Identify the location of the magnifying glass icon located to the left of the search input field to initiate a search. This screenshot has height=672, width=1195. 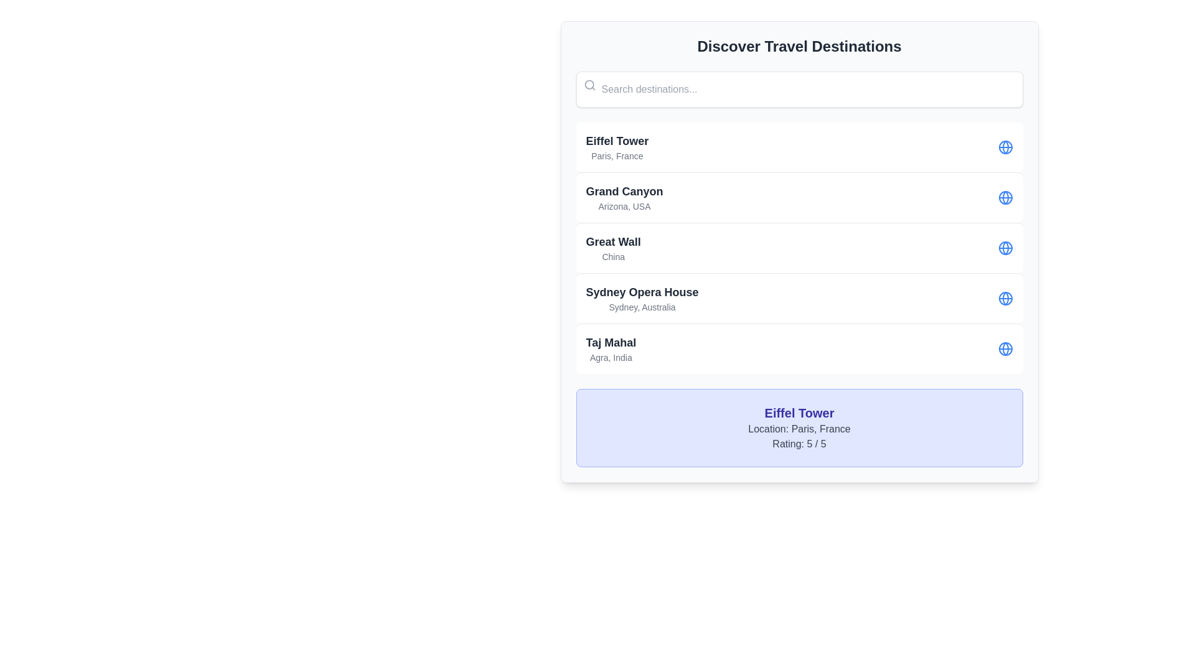
(589, 85).